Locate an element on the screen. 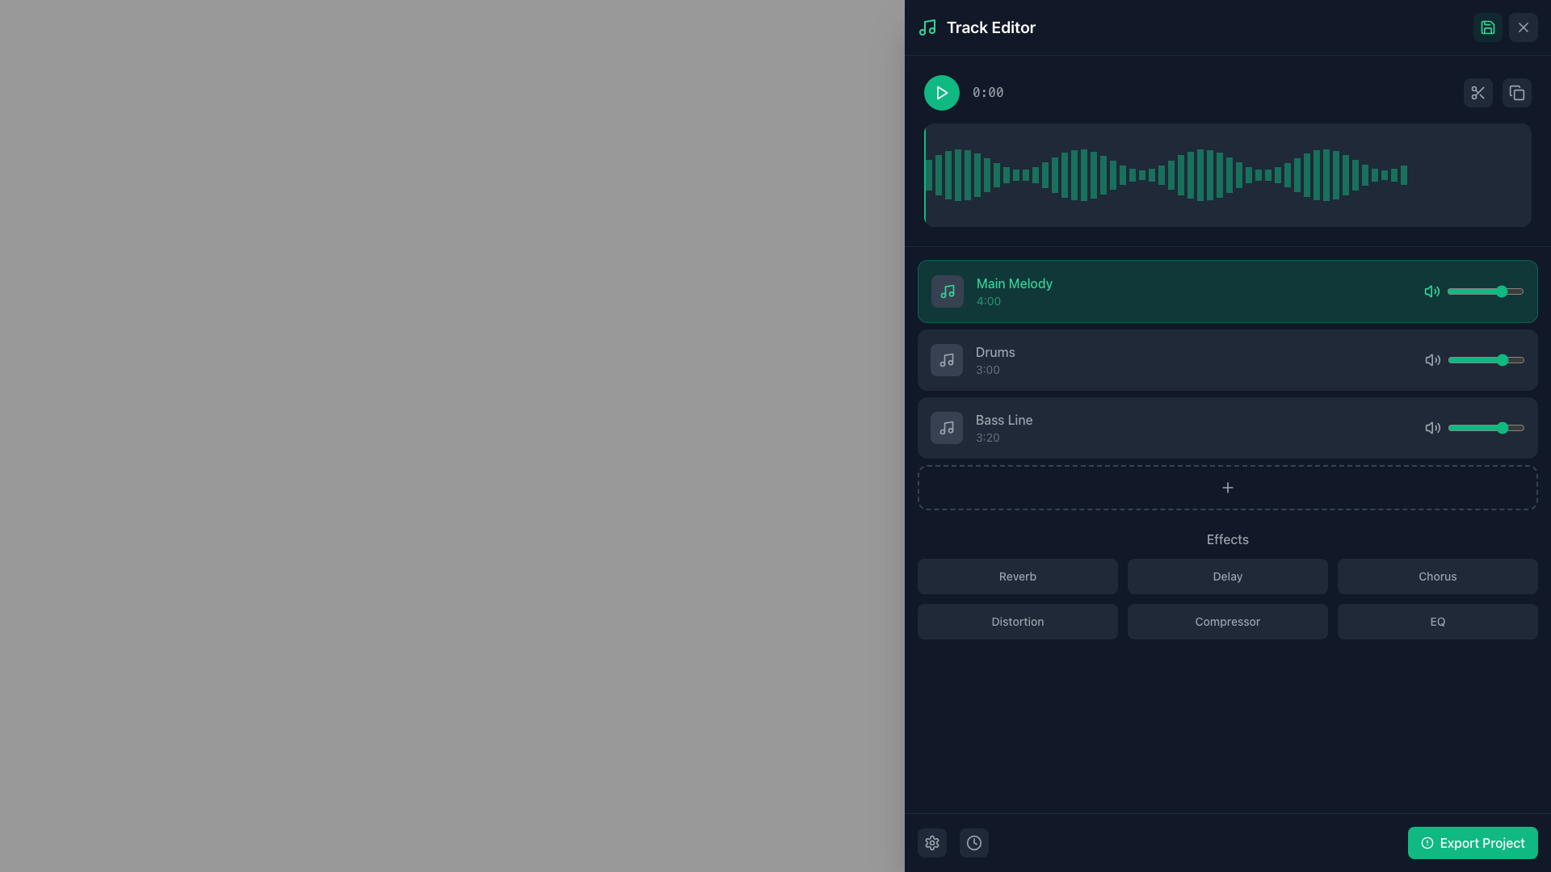 This screenshot has width=1551, height=872. the fifteenth graphical waveform bar in the series that visually represents an amplitude or frequency data point is located at coordinates (1065, 174).